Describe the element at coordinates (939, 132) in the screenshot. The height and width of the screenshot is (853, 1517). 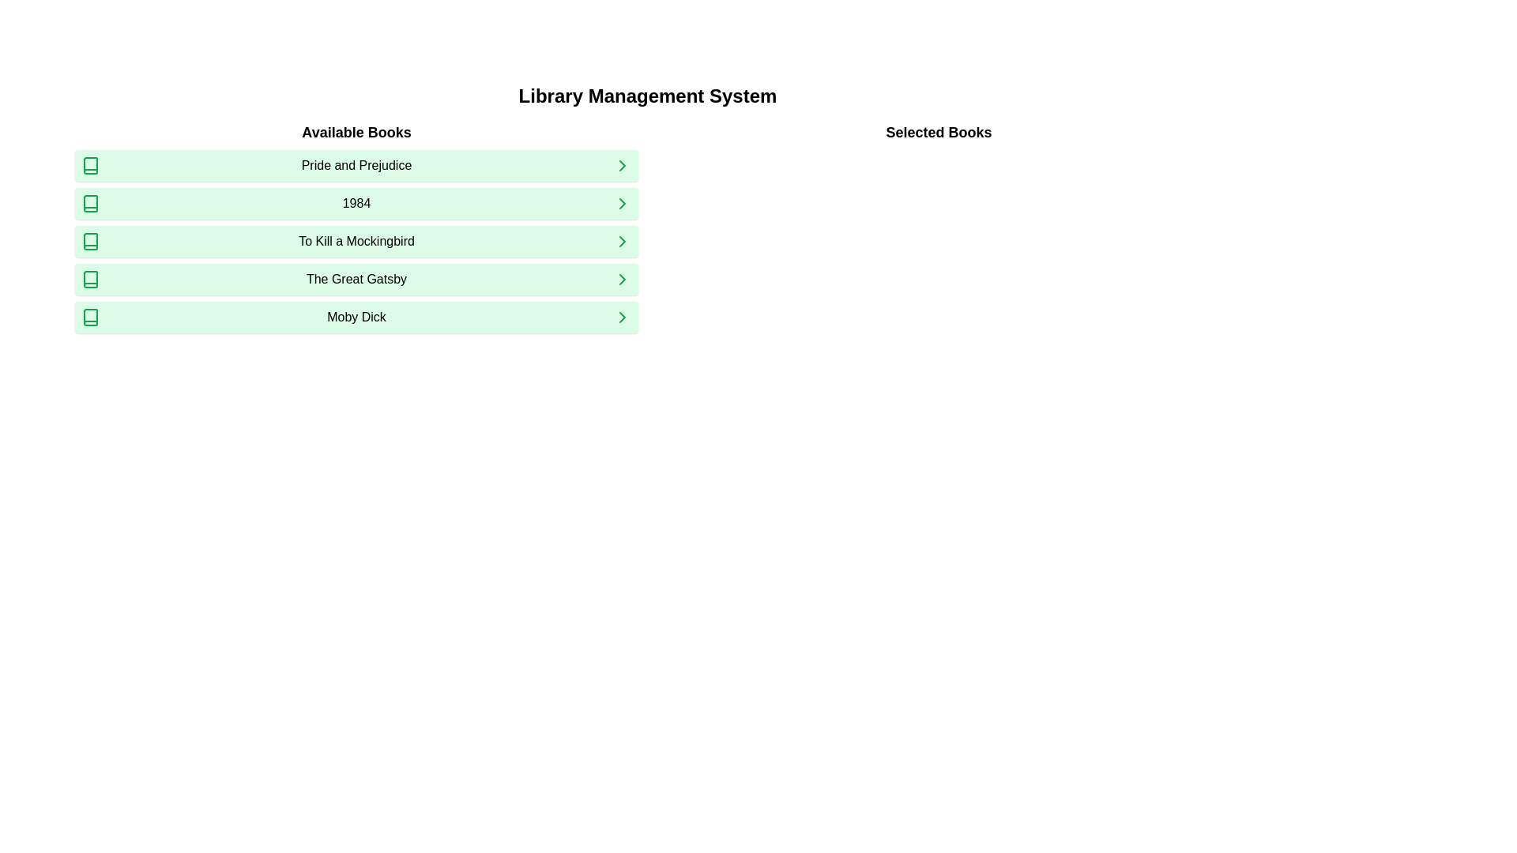
I see `the text label displaying 'Selected Books' in bold font, located in the top-right section of the interface beneath 'Library Management System'` at that location.